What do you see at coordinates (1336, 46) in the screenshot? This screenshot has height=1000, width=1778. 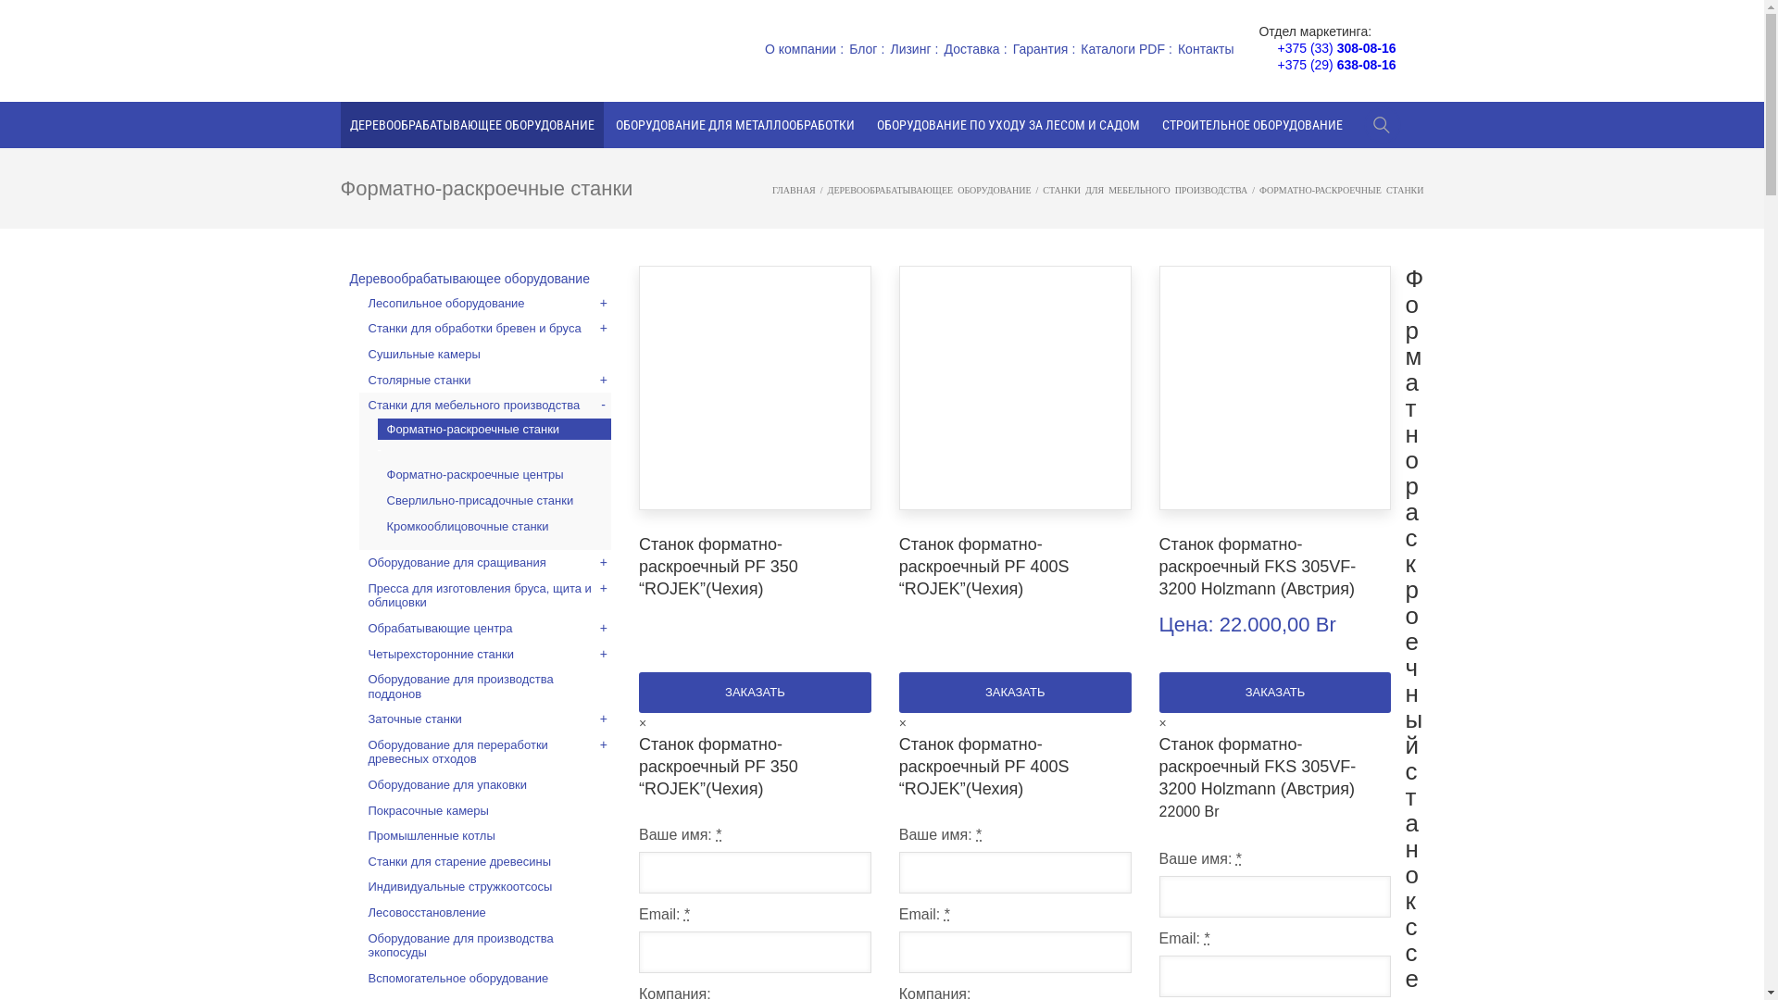 I see `'+375 (33) 308-08-16'` at bounding box center [1336, 46].